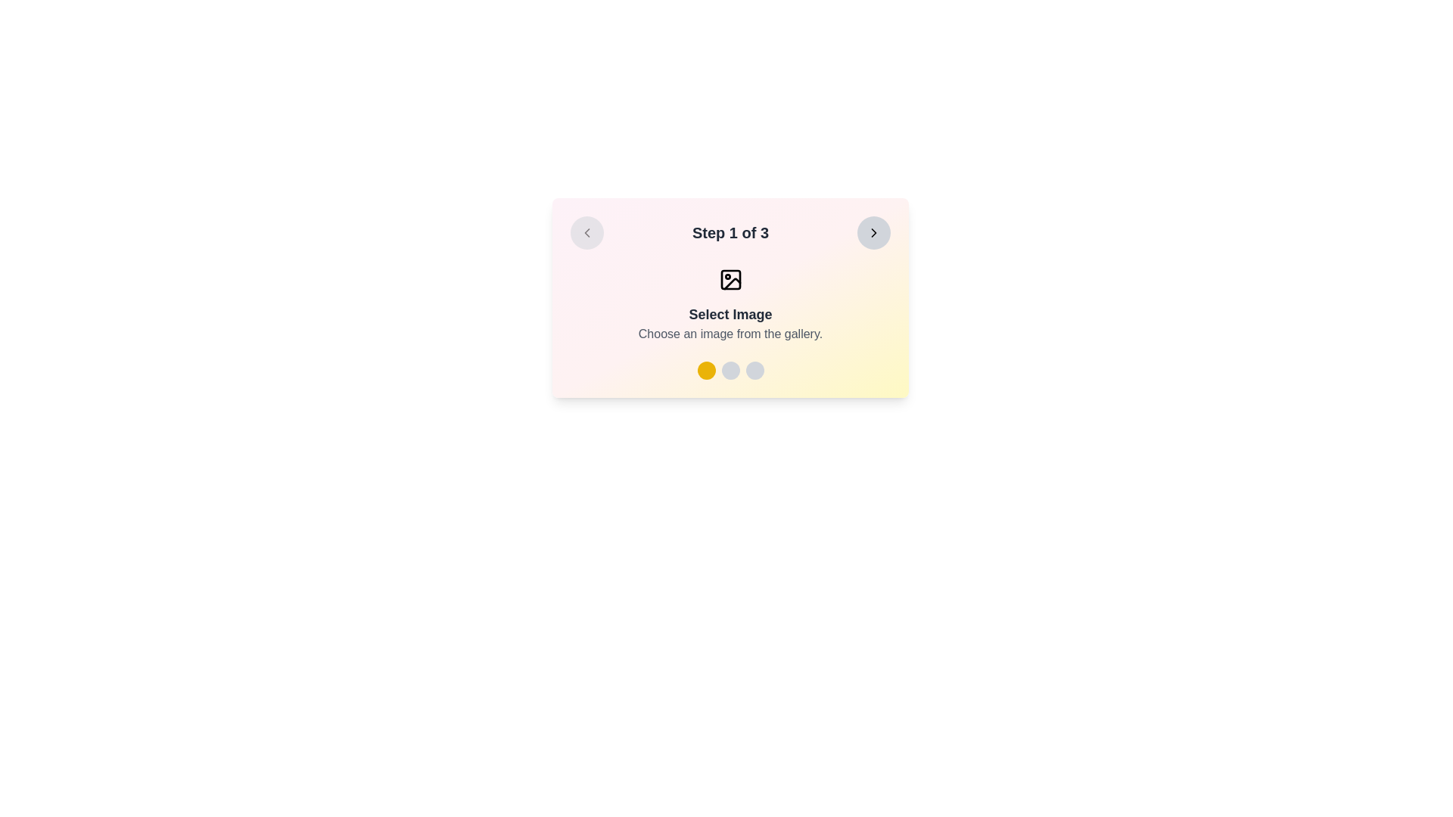 This screenshot has width=1453, height=817. What do you see at coordinates (730, 370) in the screenshot?
I see `the second circular indicator/button located at the bottom center of the card, which is positioned between an orange circle on the left and a gray circle on the right` at bounding box center [730, 370].